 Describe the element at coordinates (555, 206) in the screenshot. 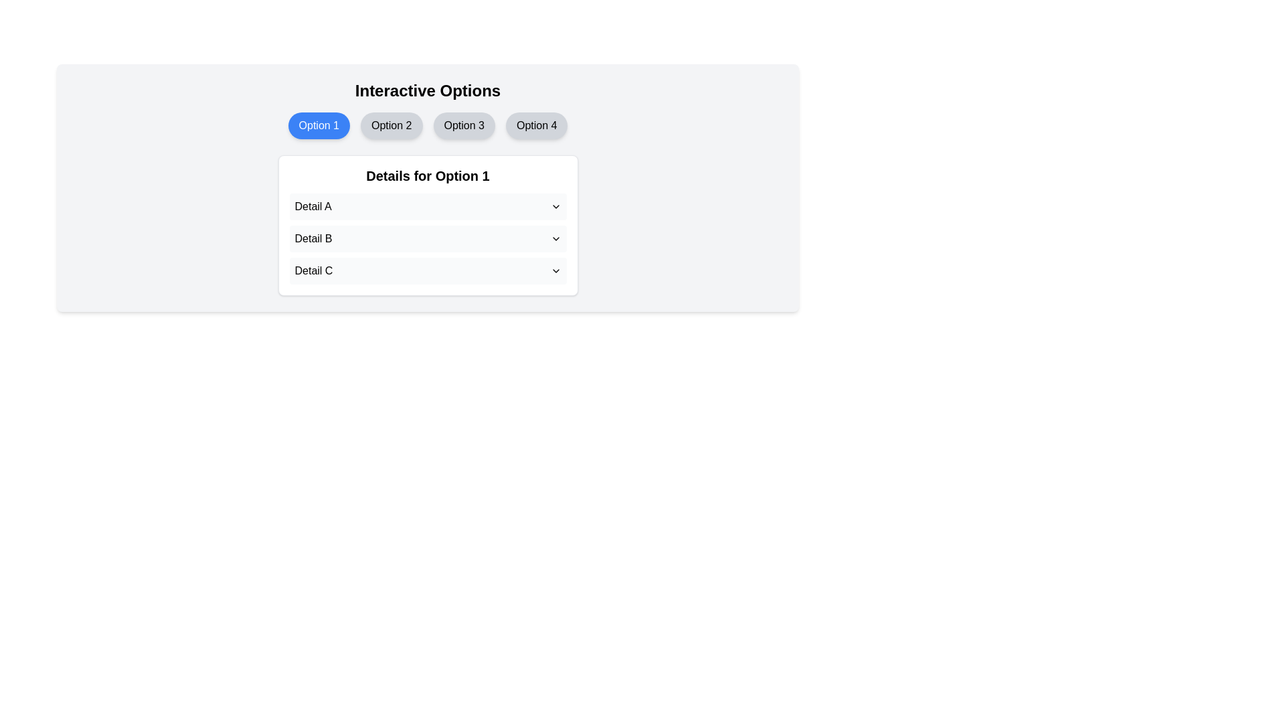

I see `the chevron icon indicating a dropdown menu in the 'Detail A' section of the 'Details for Option 1' panel to trigger hover-related effects` at that location.